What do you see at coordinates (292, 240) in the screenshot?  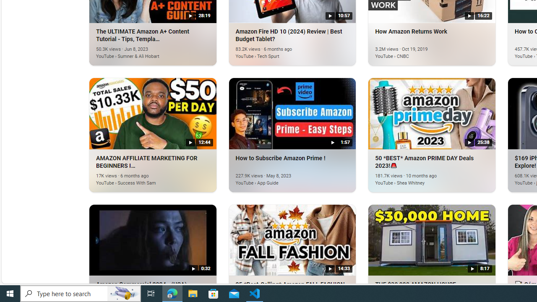 I see `'25 *Best-Selling* Amazon FALL FASHION 2023!'` at bounding box center [292, 240].